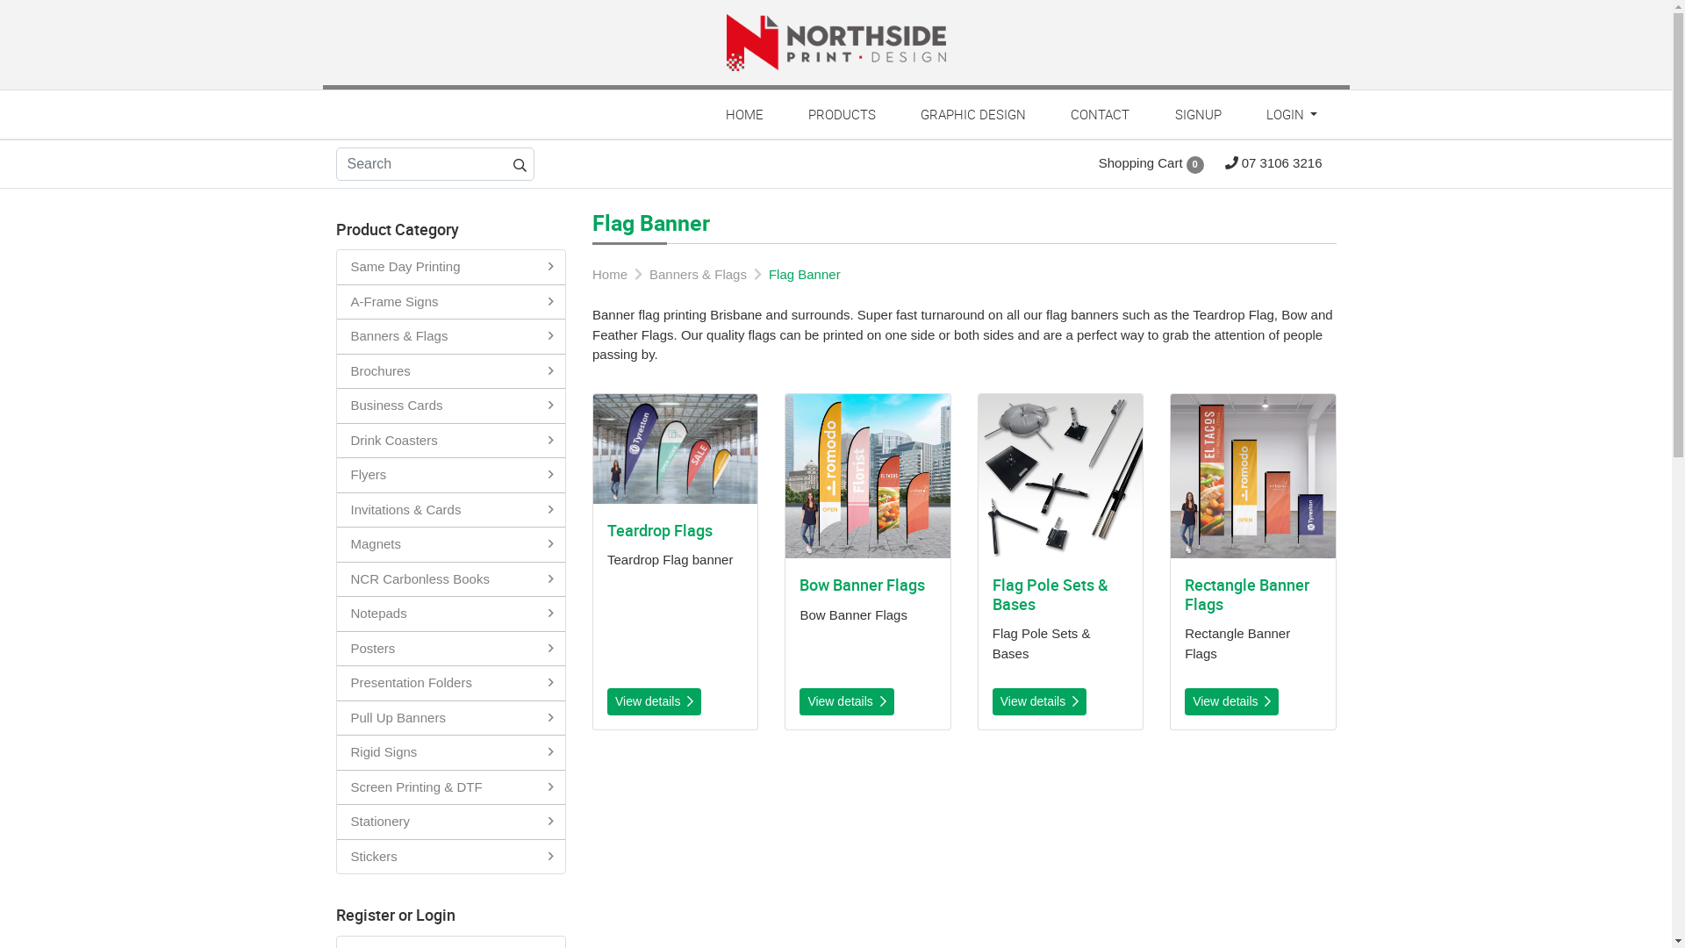  Describe the element at coordinates (972, 114) in the screenshot. I see `'GRAPHIC DESIGN'` at that location.